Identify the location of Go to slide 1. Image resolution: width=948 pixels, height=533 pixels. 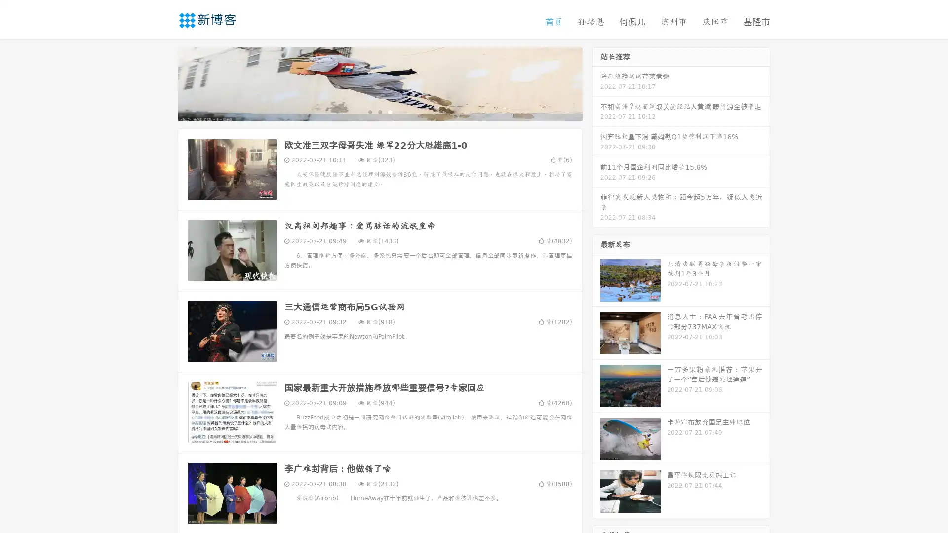
(369, 111).